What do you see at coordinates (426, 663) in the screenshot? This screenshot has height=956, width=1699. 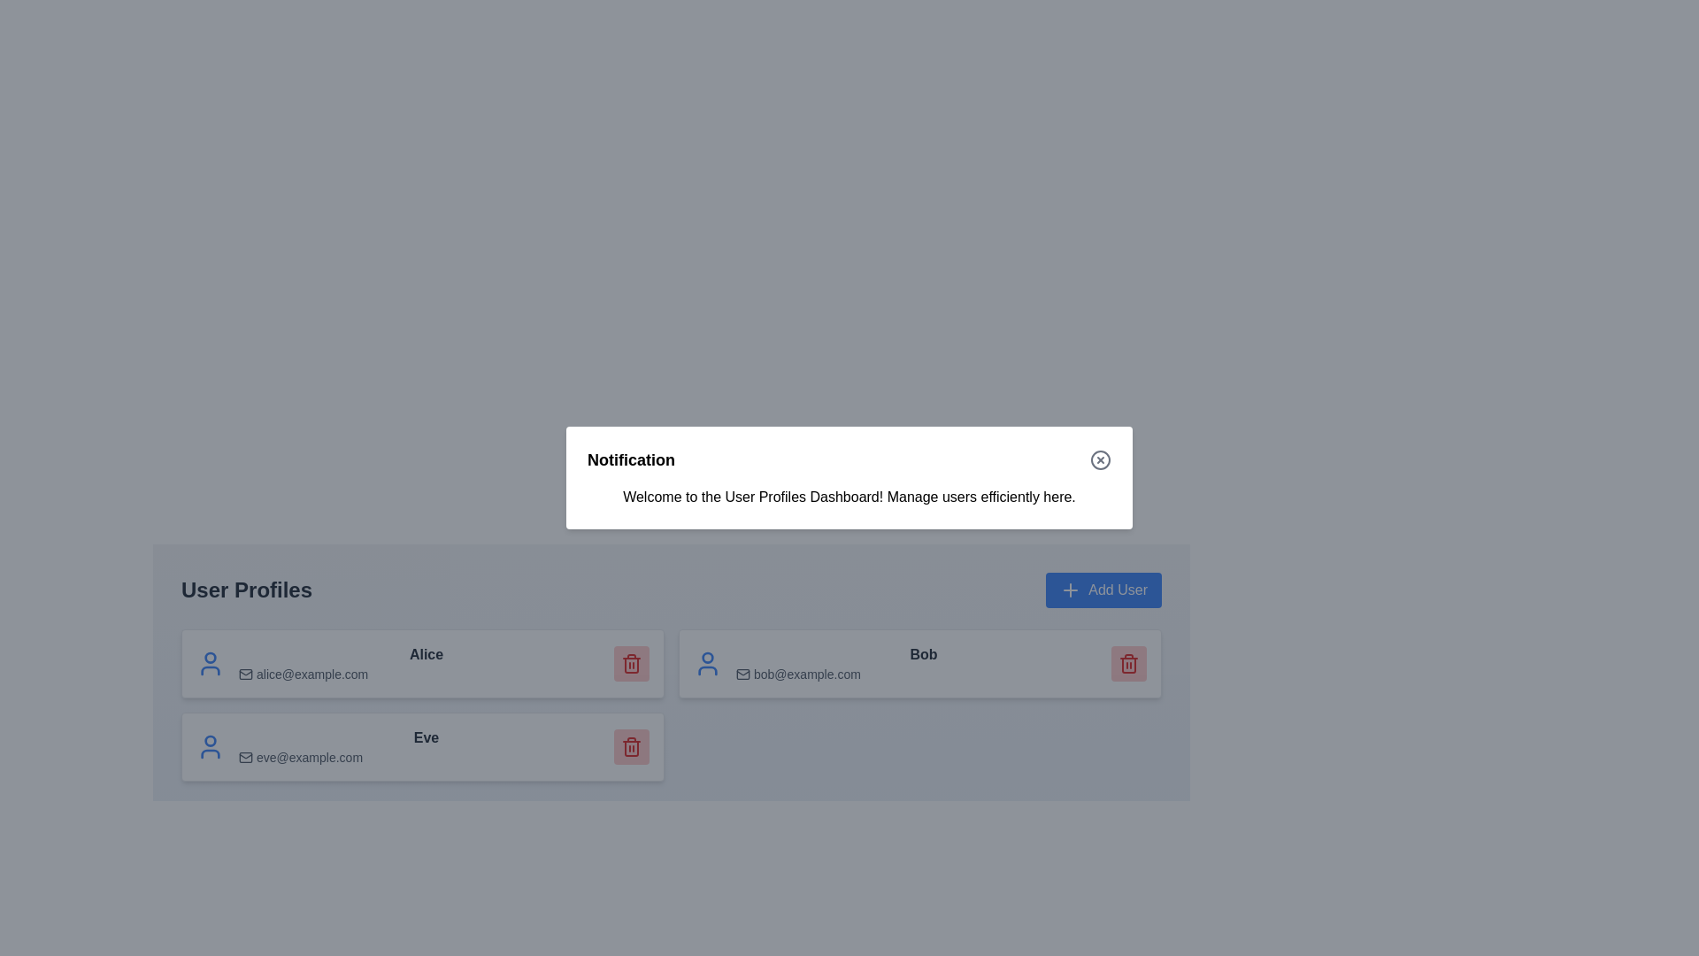 I see `the text label identifying the user profile named 'Alice'` at bounding box center [426, 663].